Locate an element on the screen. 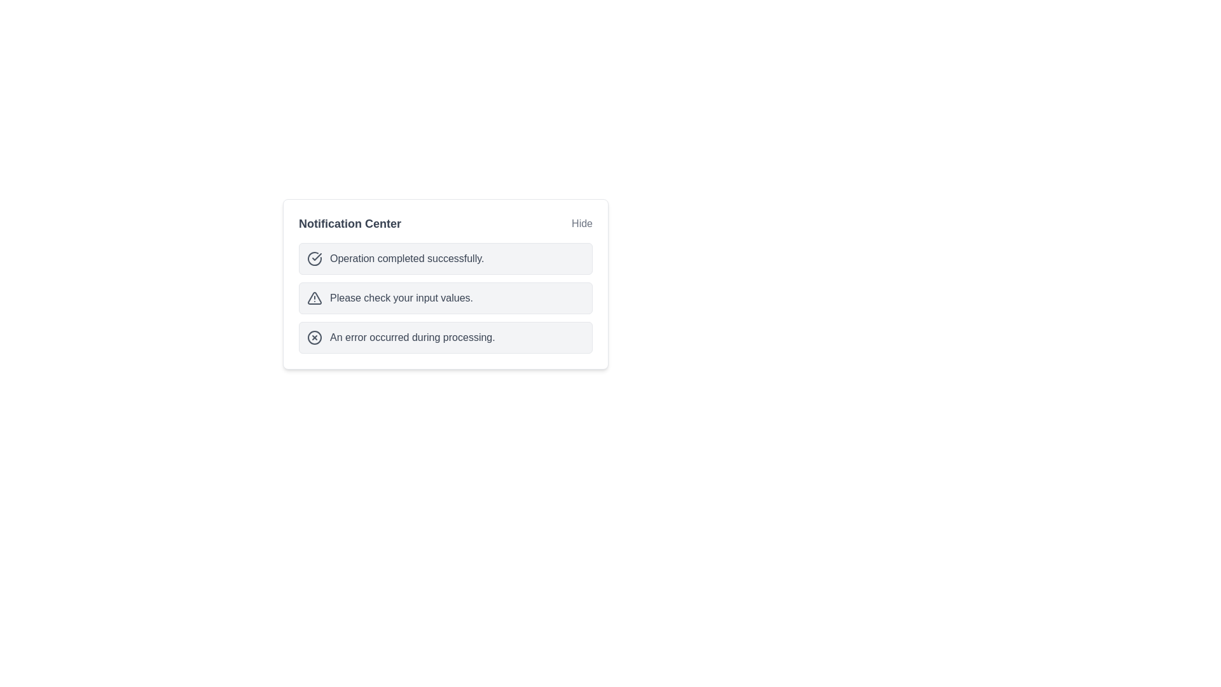 This screenshot has height=687, width=1221. the middle notification text label that displays an error or warning message, aligned with a warning icon to its left is located at coordinates (401, 298).